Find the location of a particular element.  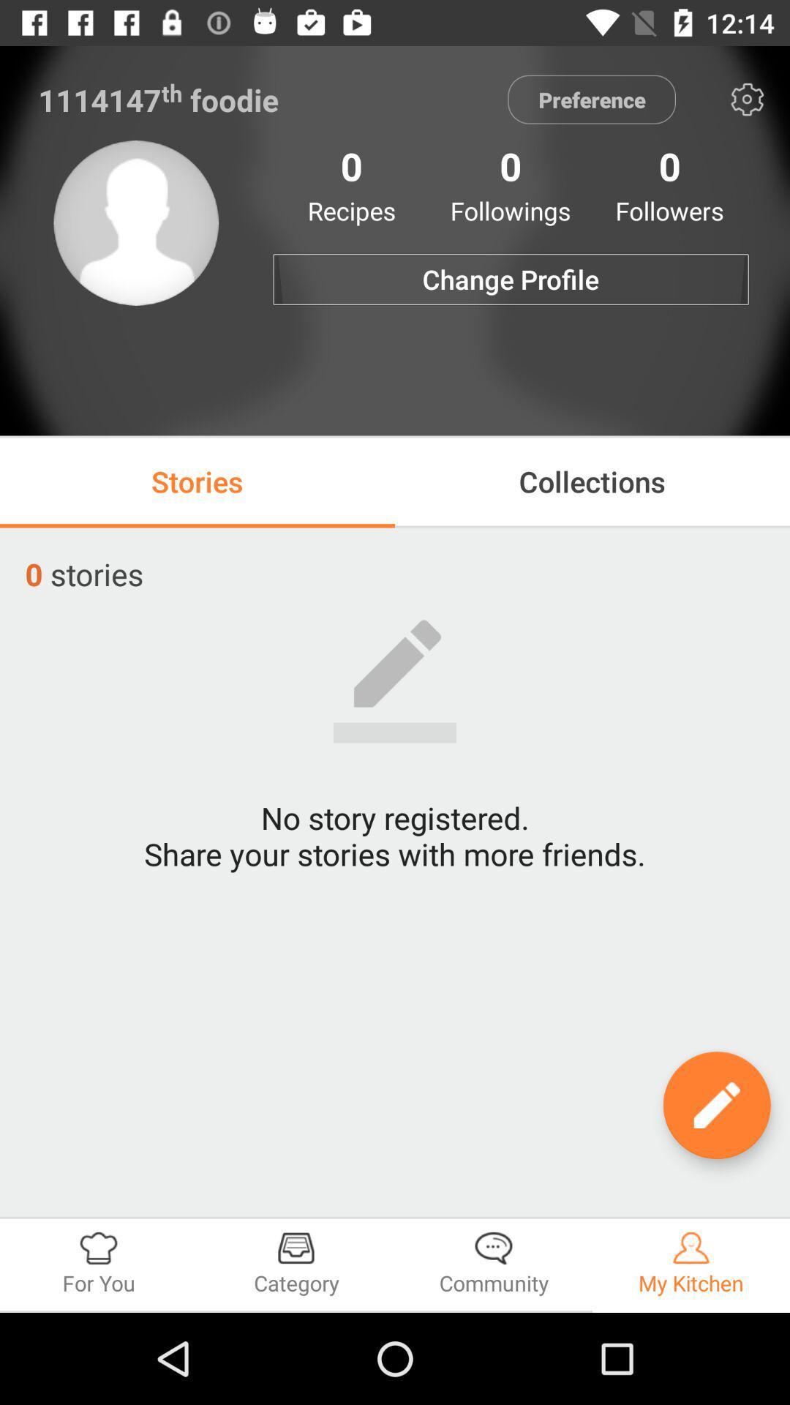

the change profile item is located at coordinates (510, 280).